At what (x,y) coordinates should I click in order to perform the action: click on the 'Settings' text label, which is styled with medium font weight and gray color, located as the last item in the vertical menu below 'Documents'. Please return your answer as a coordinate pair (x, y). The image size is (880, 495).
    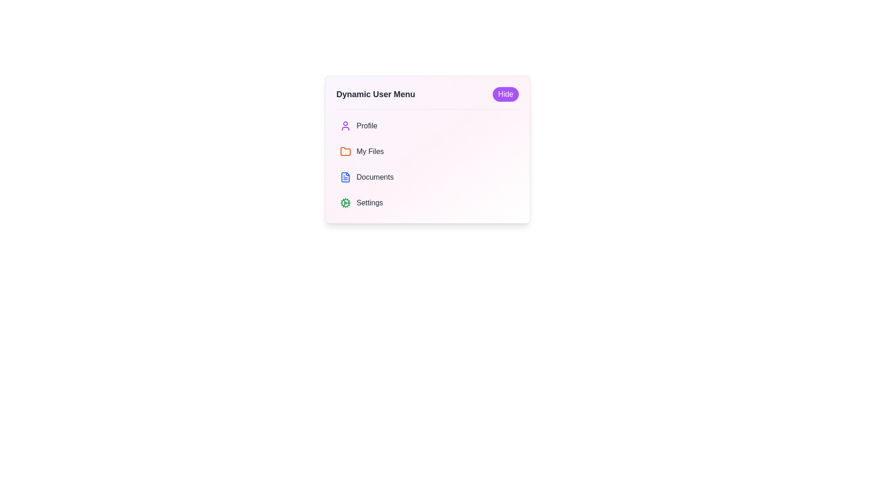
    Looking at the image, I should click on (369, 203).